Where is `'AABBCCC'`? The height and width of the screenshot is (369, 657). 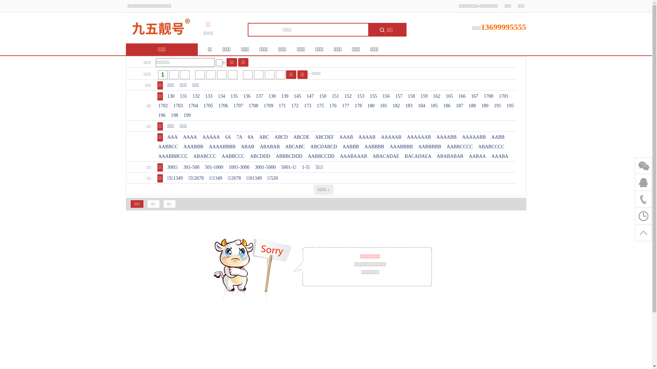 'AABBCCC' is located at coordinates (233, 156).